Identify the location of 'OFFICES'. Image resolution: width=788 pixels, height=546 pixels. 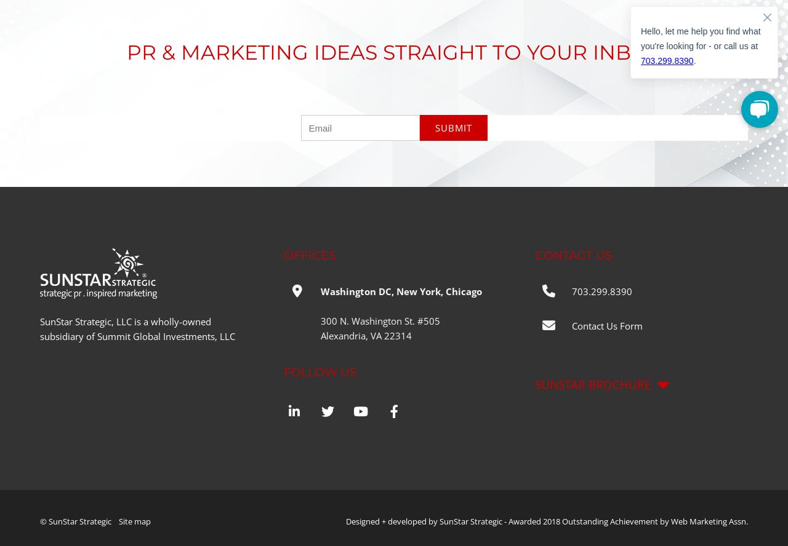
(310, 255).